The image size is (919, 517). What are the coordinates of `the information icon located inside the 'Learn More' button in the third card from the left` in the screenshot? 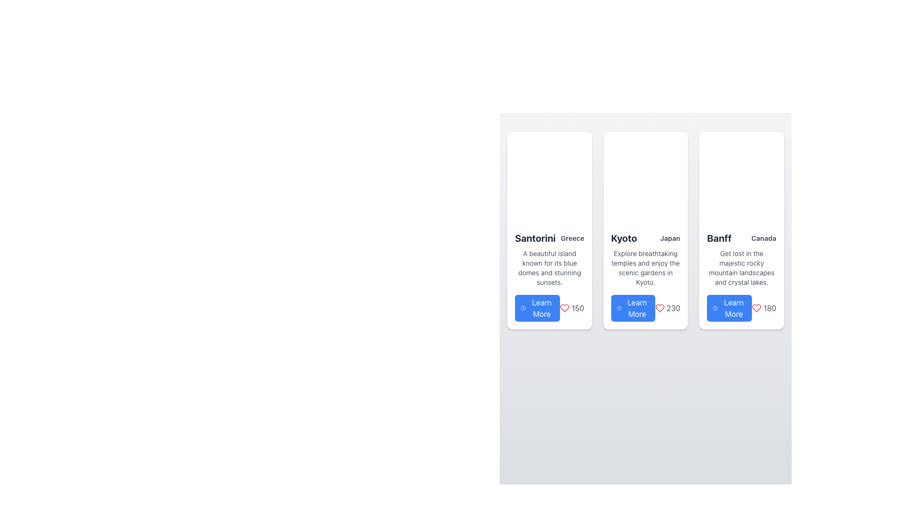 It's located at (715, 308).